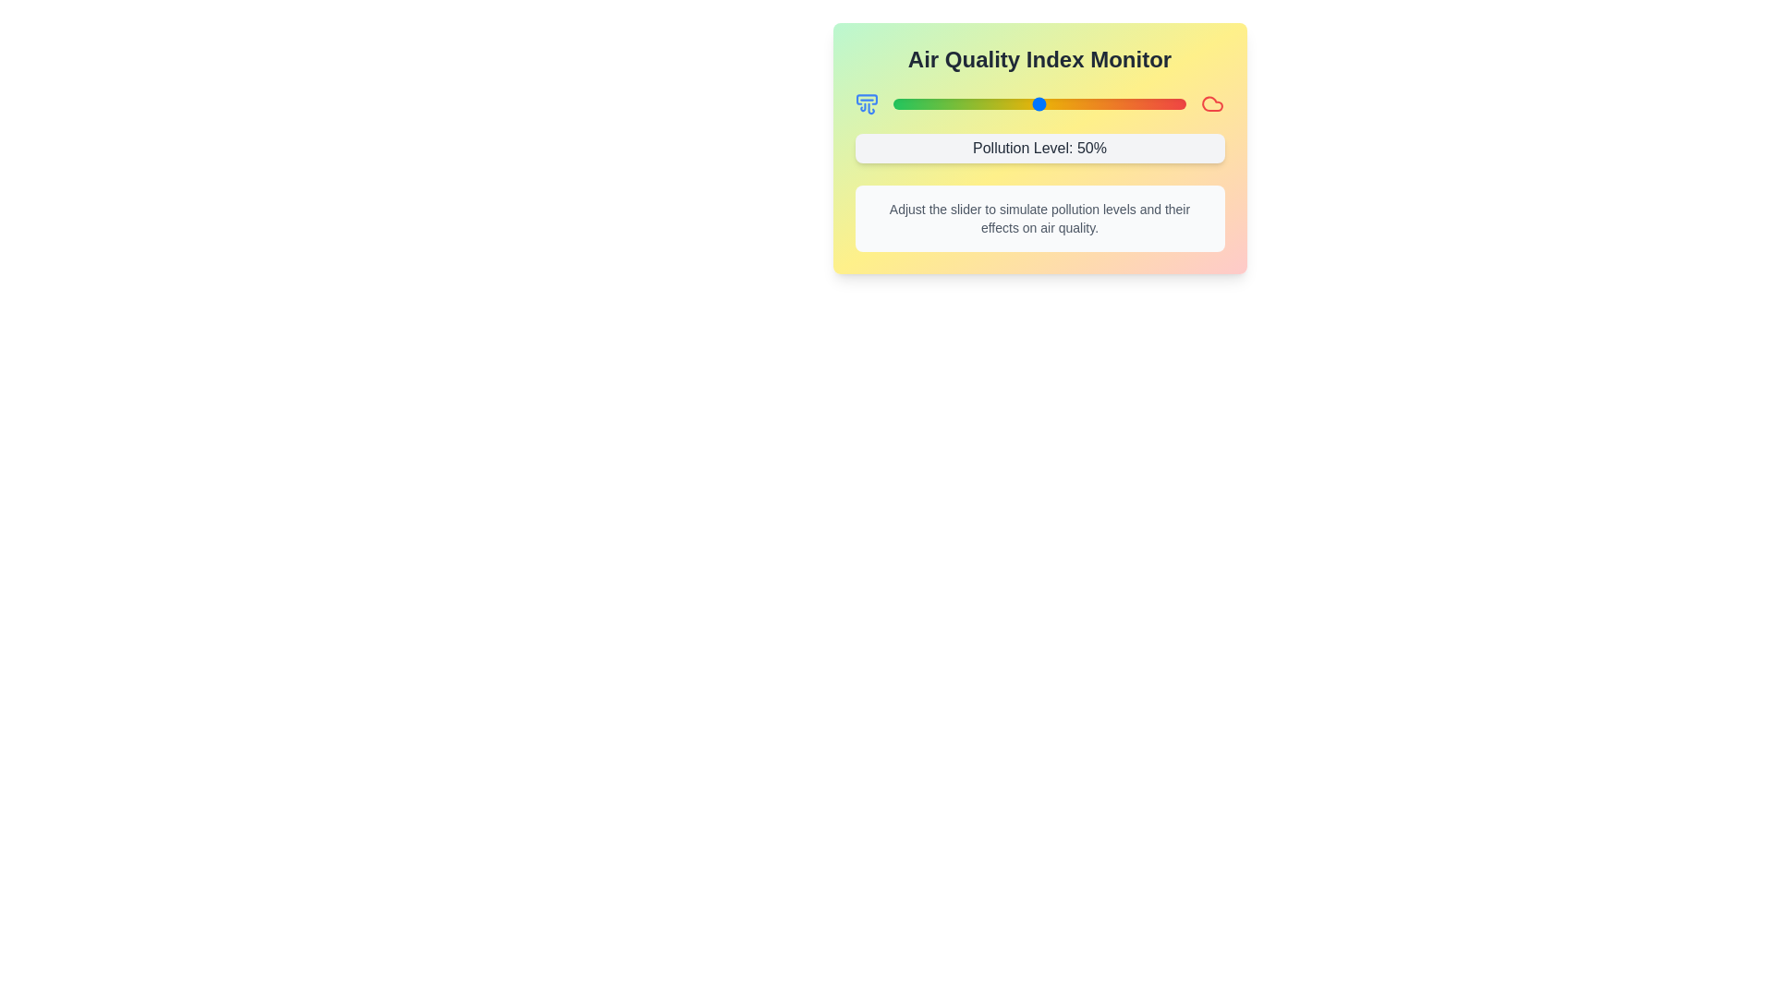  Describe the element at coordinates (925, 103) in the screenshot. I see `the pollution level slider to 11%` at that location.